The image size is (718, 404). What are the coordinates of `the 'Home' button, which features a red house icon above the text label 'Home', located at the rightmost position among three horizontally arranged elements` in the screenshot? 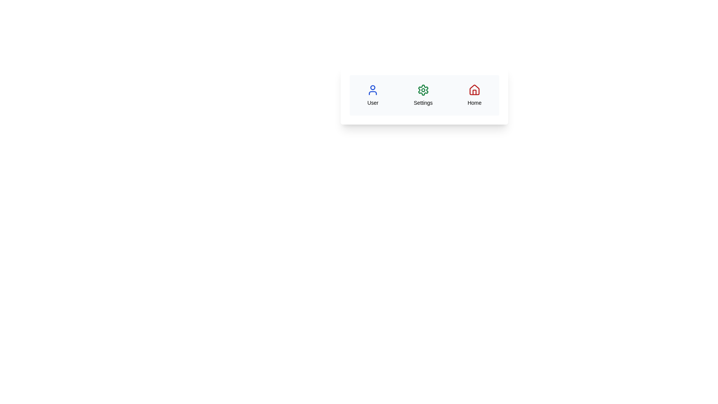 It's located at (474, 95).